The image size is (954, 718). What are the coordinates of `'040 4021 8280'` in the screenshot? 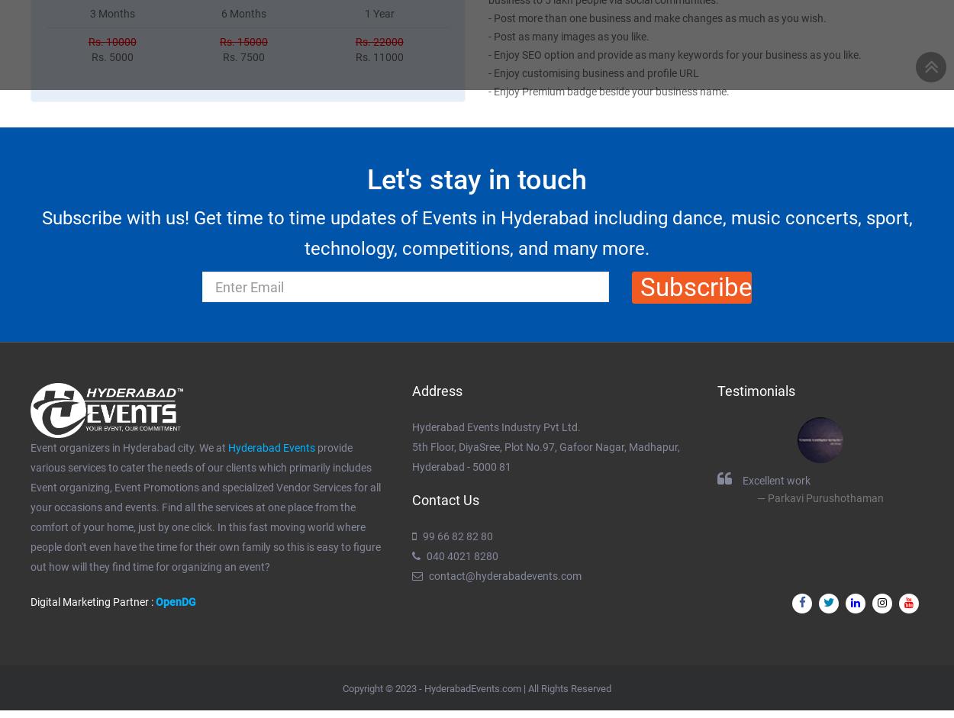 It's located at (460, 555).